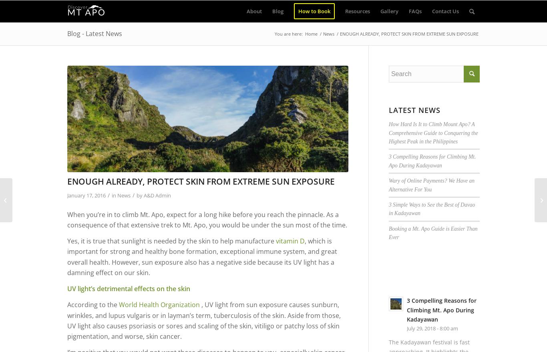 The height and width of the screenshot is (352, 547). I want to click on 'Latest News', so click(388, 109).